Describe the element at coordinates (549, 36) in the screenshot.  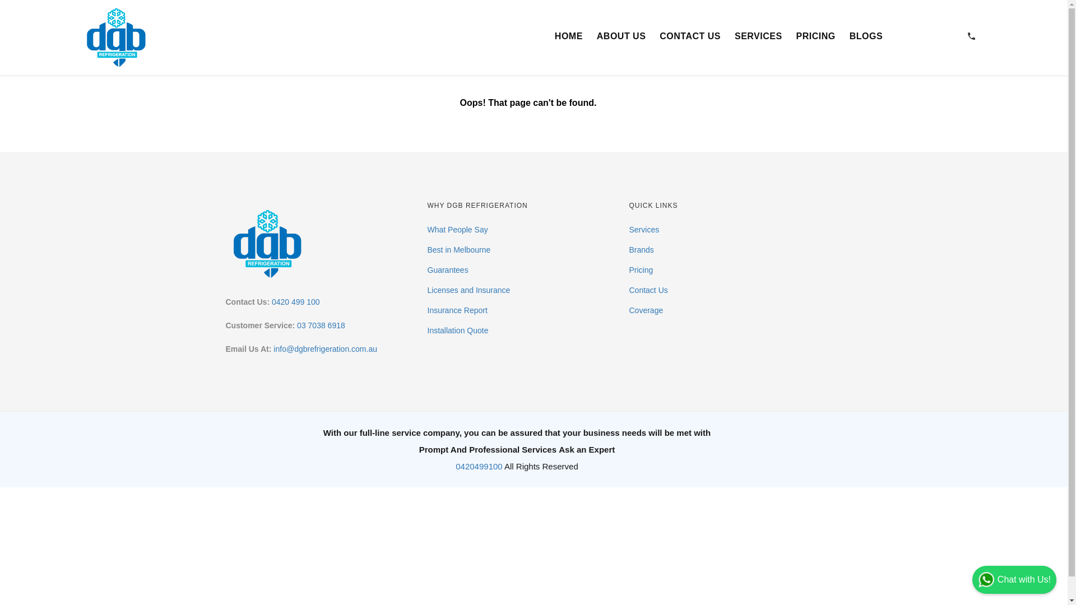
I see `'HOME'` at that location.